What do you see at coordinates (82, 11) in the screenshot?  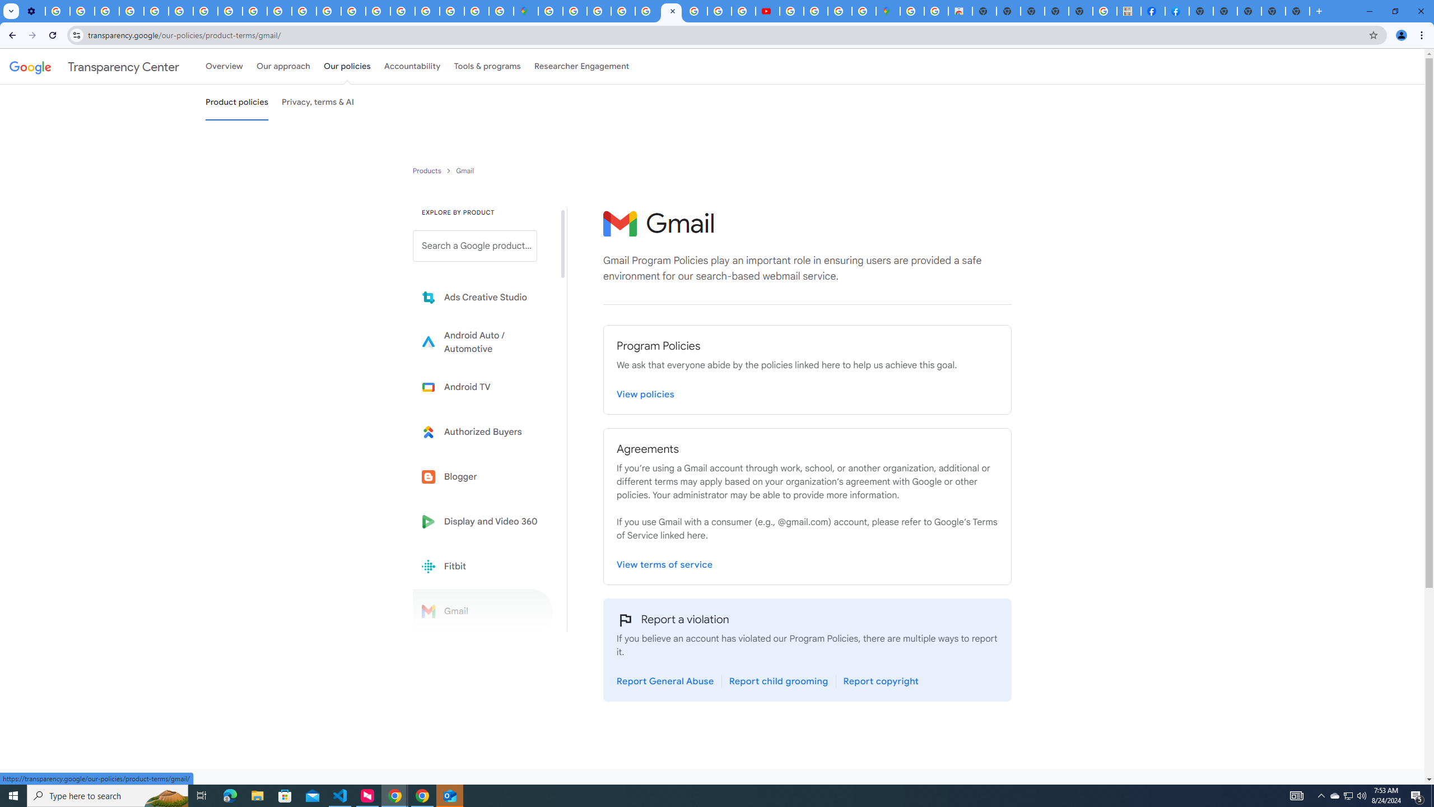 I see `'Learn how to find your photos - Google Photos Help'` at bounding box center [82, 11].